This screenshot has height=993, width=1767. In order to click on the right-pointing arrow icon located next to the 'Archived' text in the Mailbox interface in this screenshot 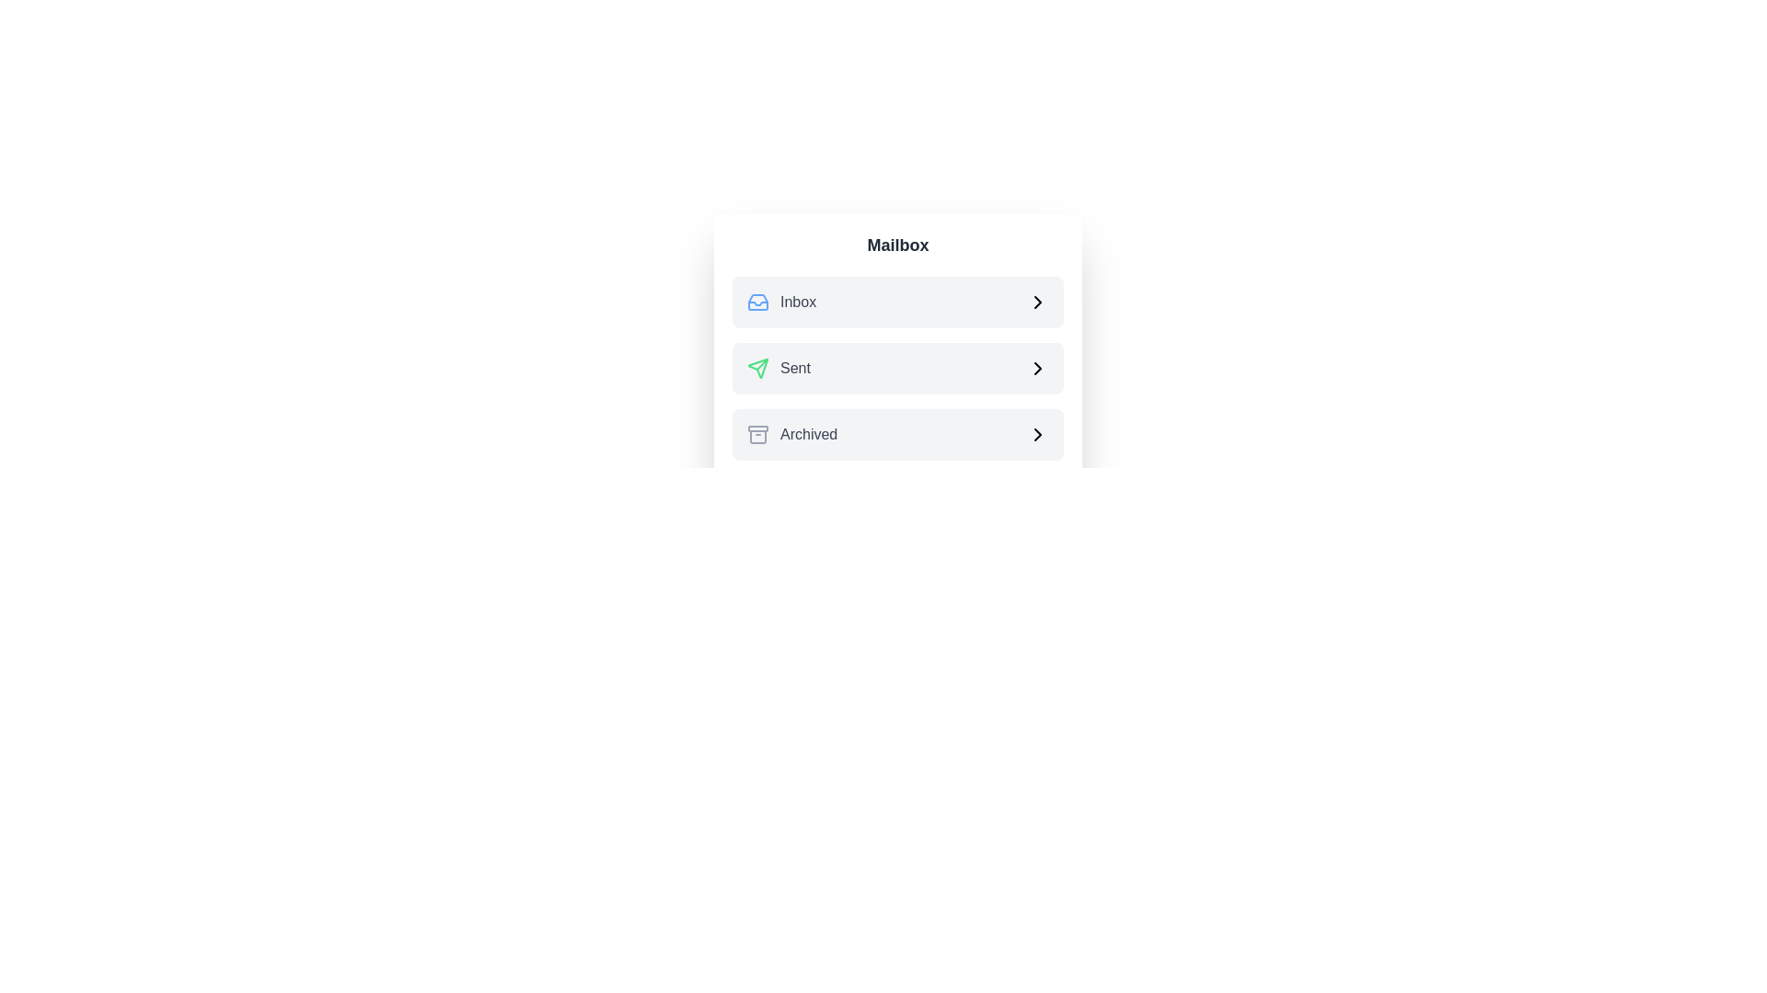, I will do `click(1038, 435)`.